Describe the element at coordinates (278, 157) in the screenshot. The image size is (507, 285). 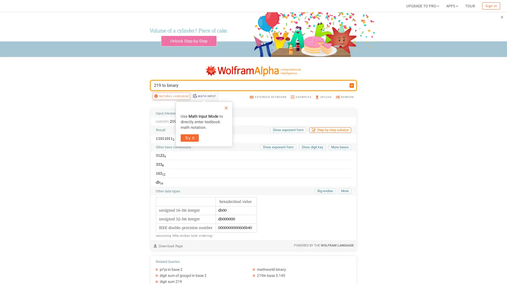
I see `Show exponent form` at that location.